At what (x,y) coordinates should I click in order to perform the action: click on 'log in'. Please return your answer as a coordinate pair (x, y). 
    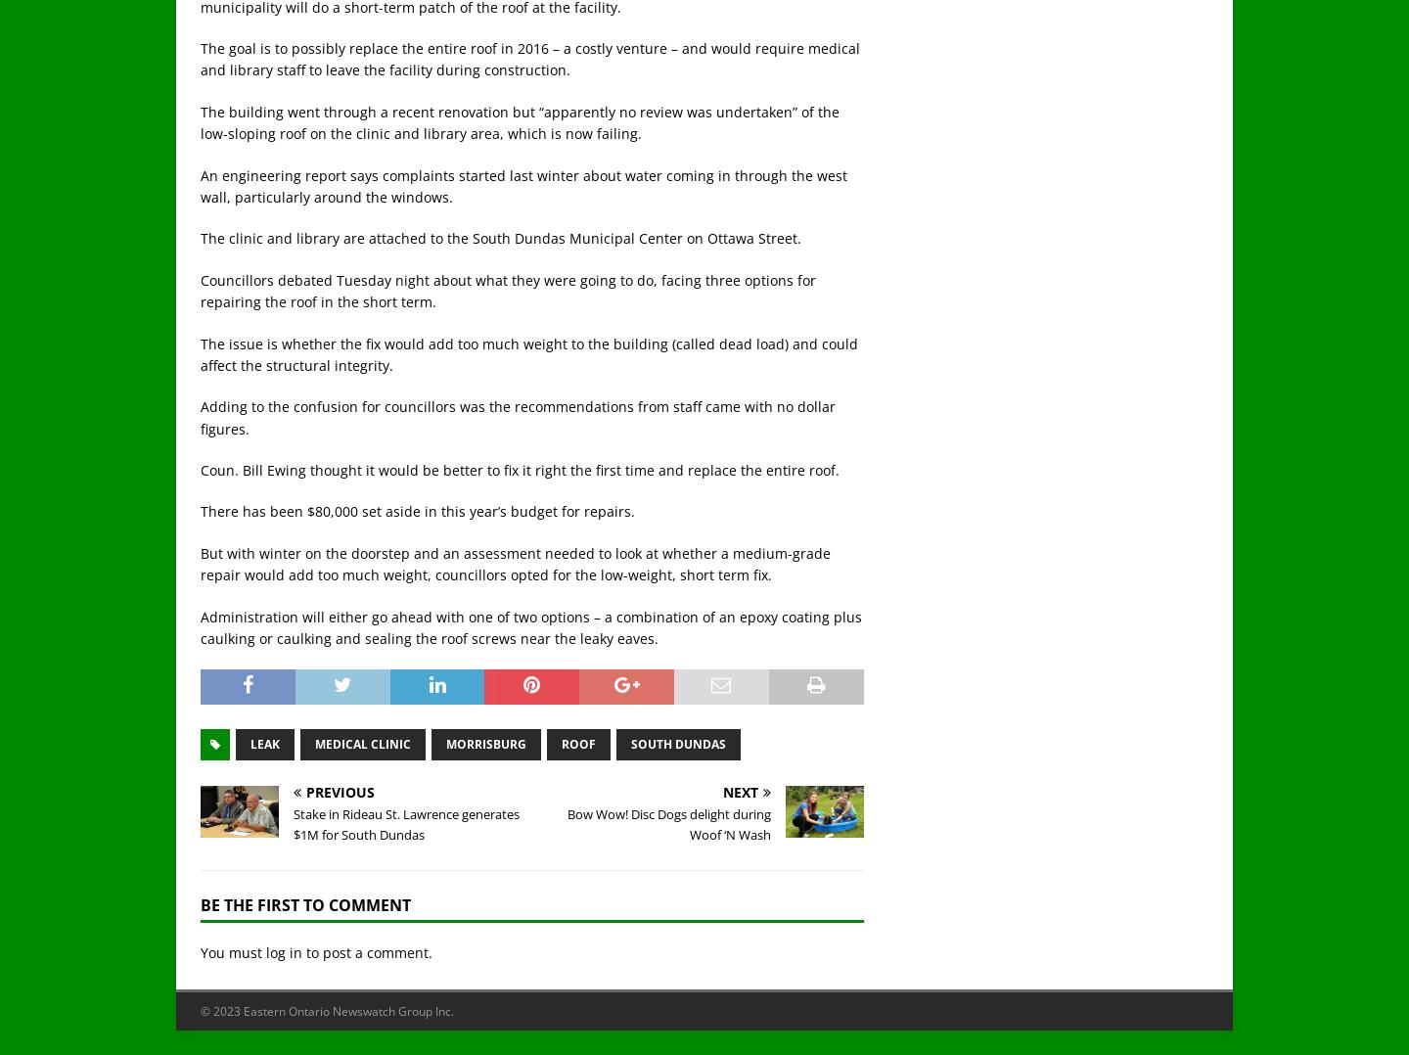
    Looking at the image, I should click on (283, 952).